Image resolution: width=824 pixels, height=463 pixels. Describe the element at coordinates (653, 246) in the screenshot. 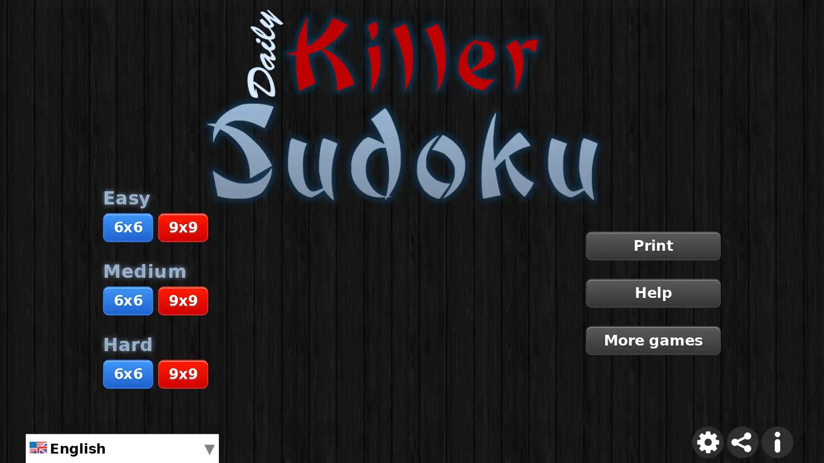

I see `Print` at that location.